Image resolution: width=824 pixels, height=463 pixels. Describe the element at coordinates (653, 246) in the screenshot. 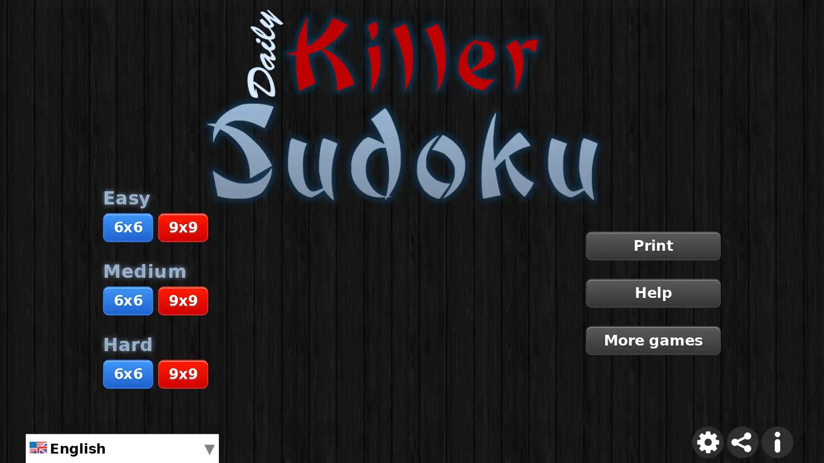

I see `Print` at that location.